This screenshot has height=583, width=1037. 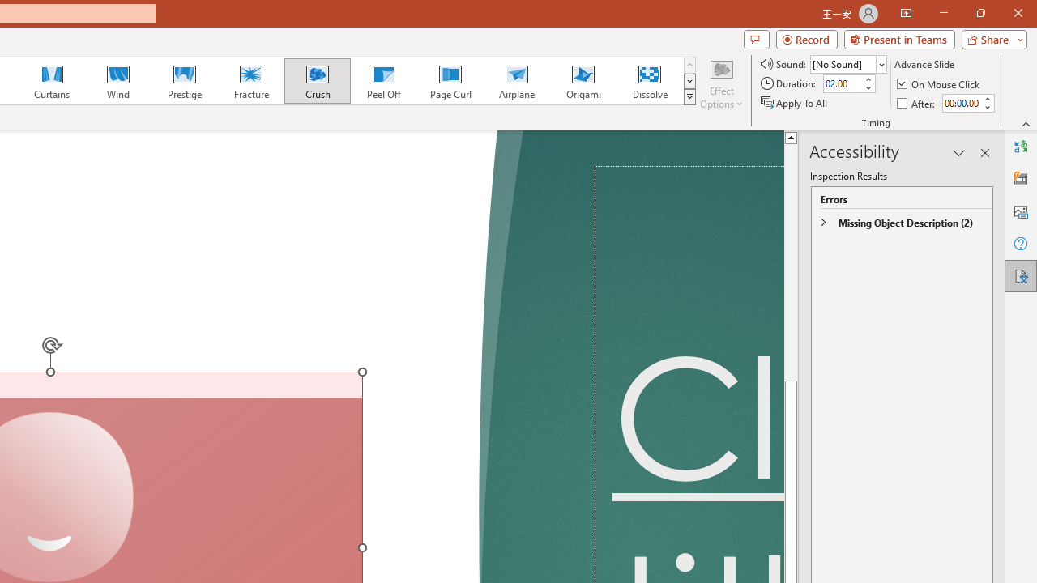 I want to click on 'Sound', so click(x=847, y=63).